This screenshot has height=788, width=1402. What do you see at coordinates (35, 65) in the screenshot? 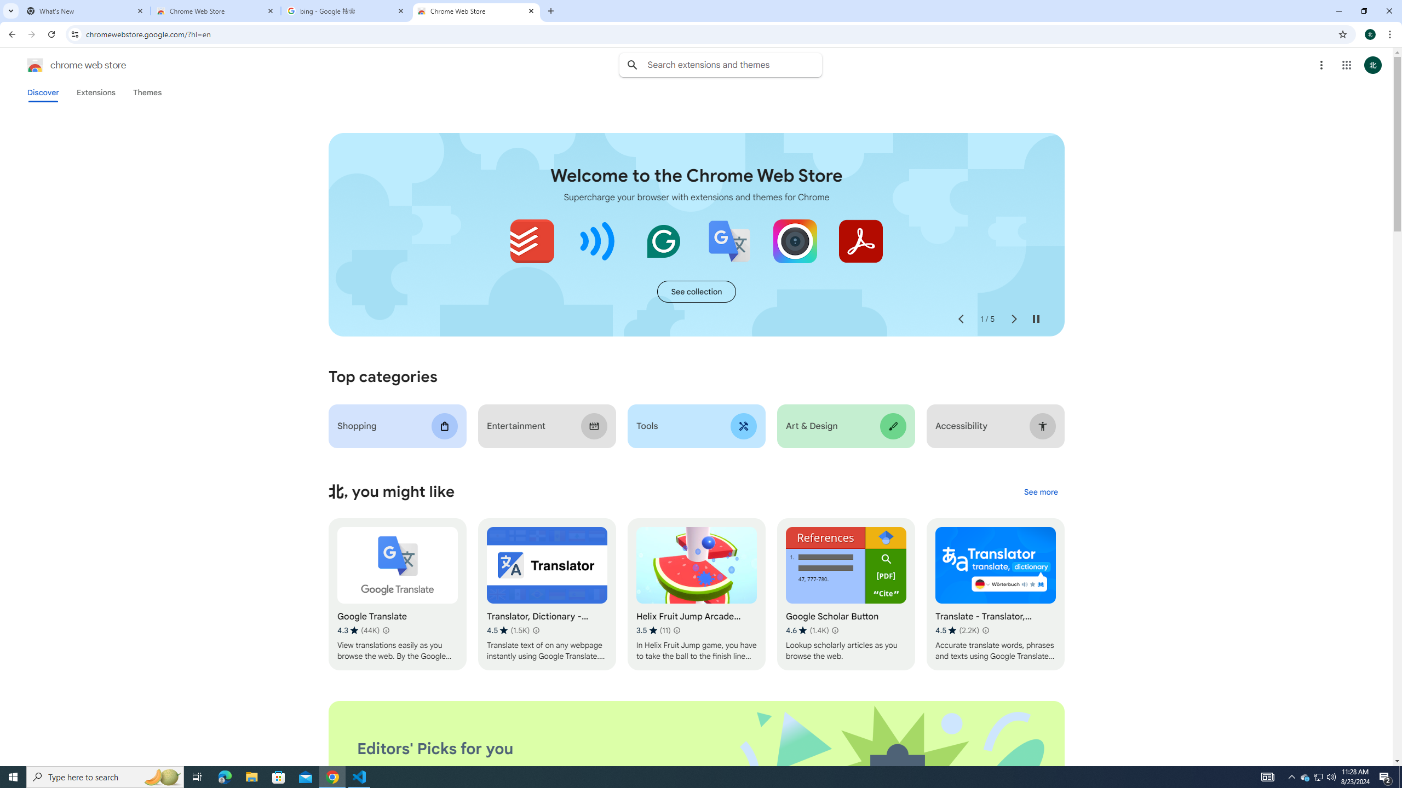
I see `'Chrome Web Store logo'` at bounding box center [35, 65].